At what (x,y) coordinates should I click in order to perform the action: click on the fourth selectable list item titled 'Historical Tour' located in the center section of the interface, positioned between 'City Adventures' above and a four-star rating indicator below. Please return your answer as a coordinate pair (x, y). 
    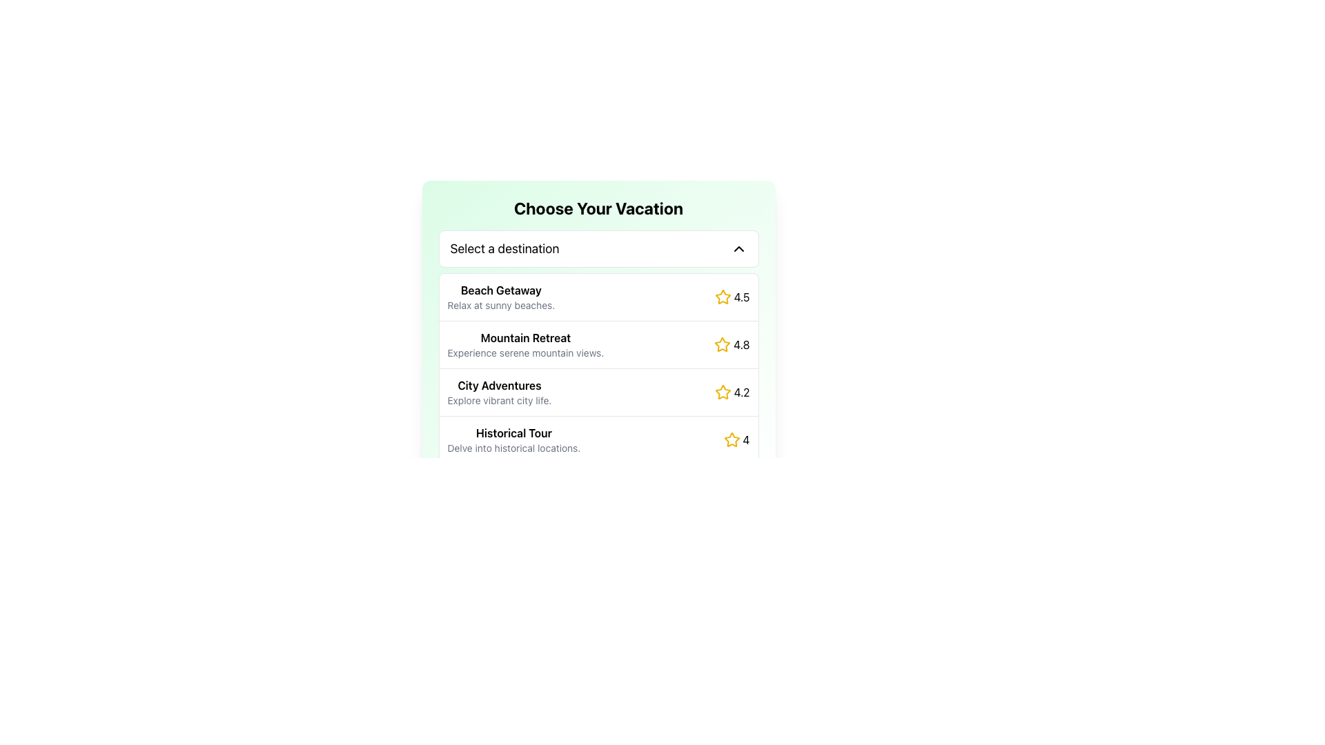
    Looking at the image, I should click on (513, 439).